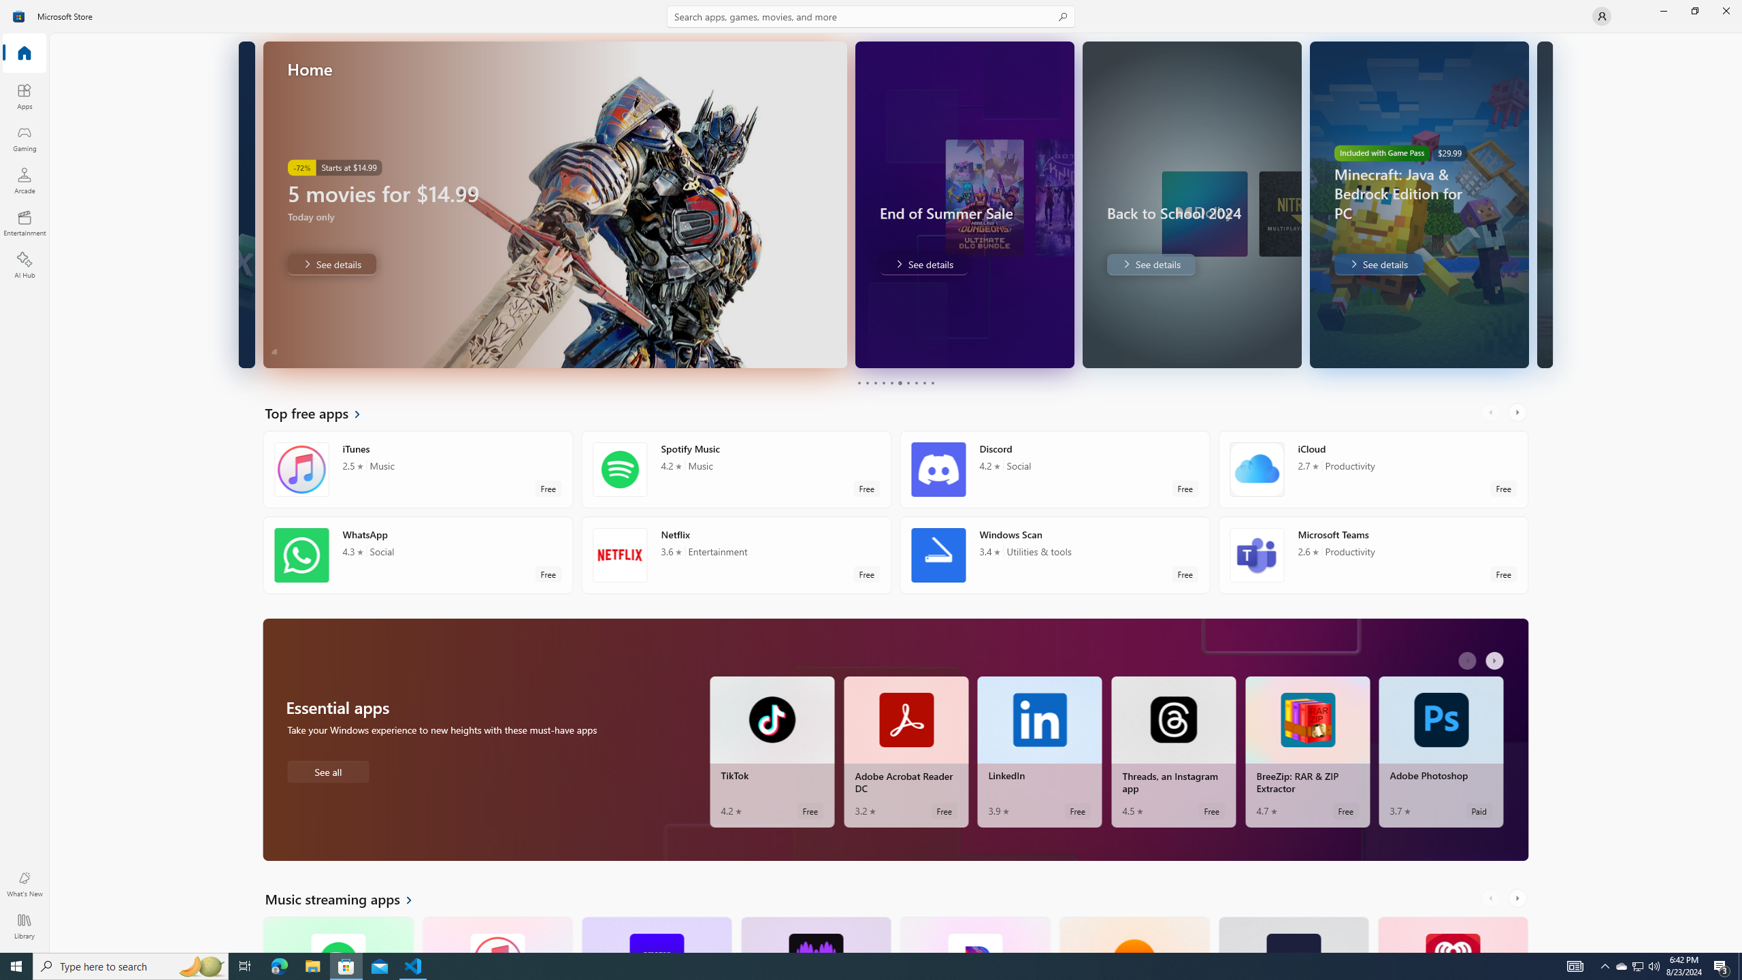  I want to click on 'Library', so click(23, 926).